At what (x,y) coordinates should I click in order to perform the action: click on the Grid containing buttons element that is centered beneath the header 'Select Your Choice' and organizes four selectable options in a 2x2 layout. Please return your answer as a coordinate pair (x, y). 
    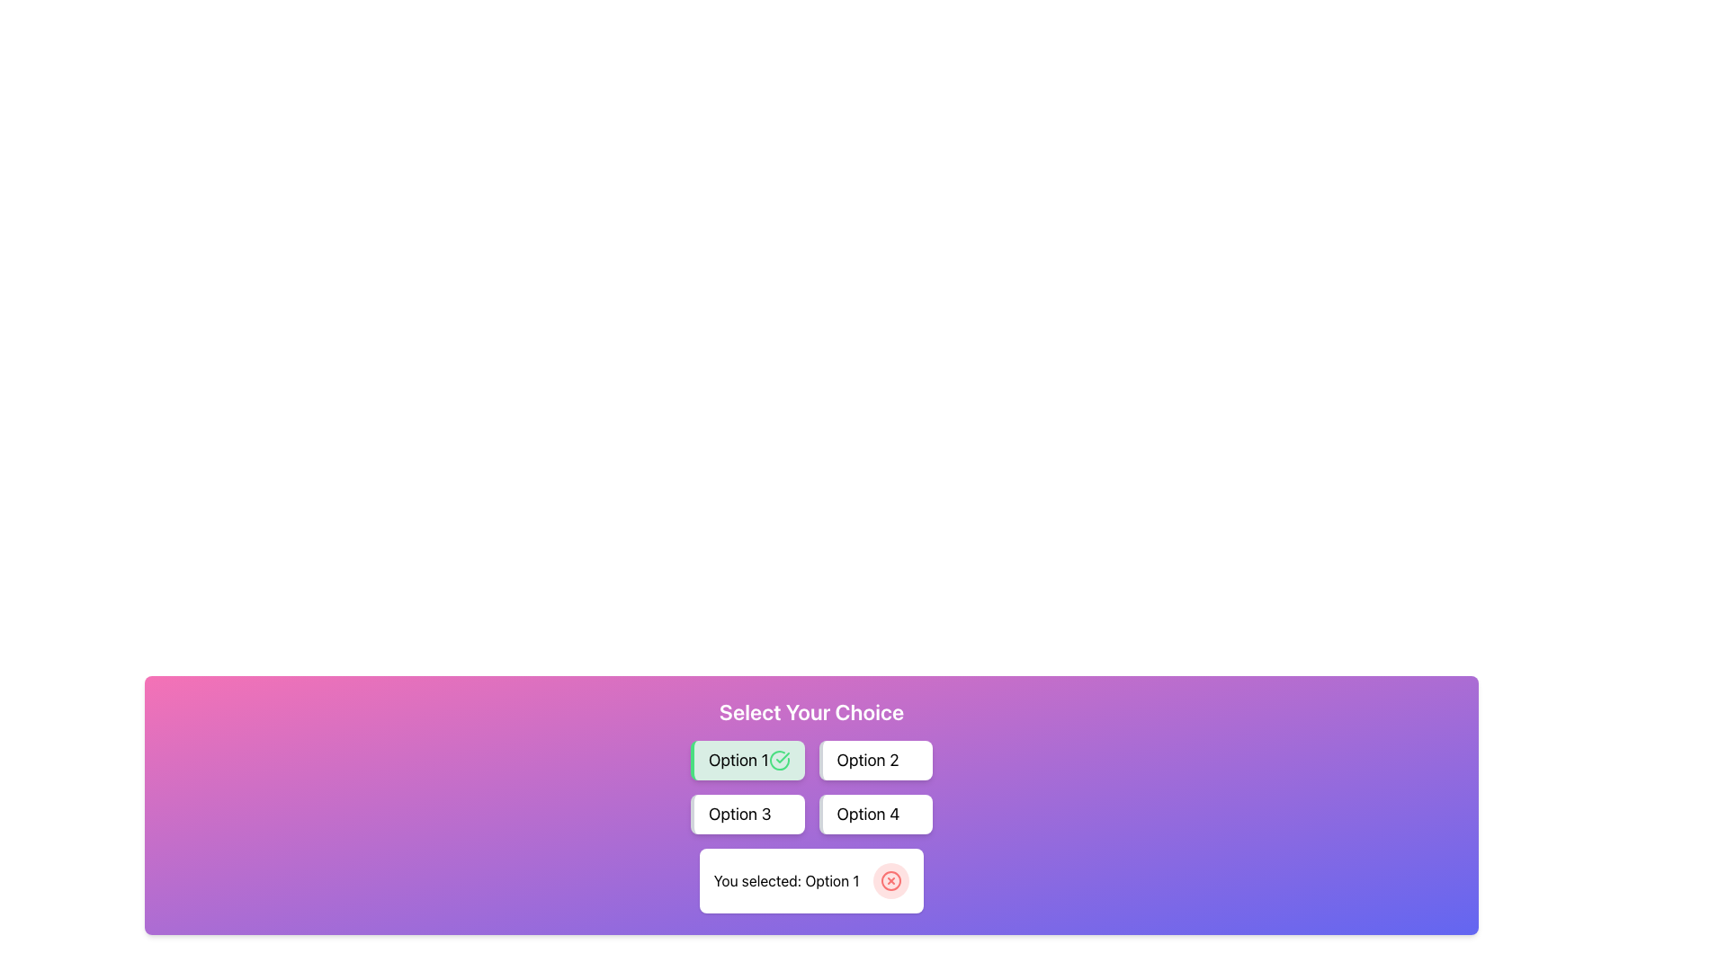
    Looking at the image, I should click on (810, 786).